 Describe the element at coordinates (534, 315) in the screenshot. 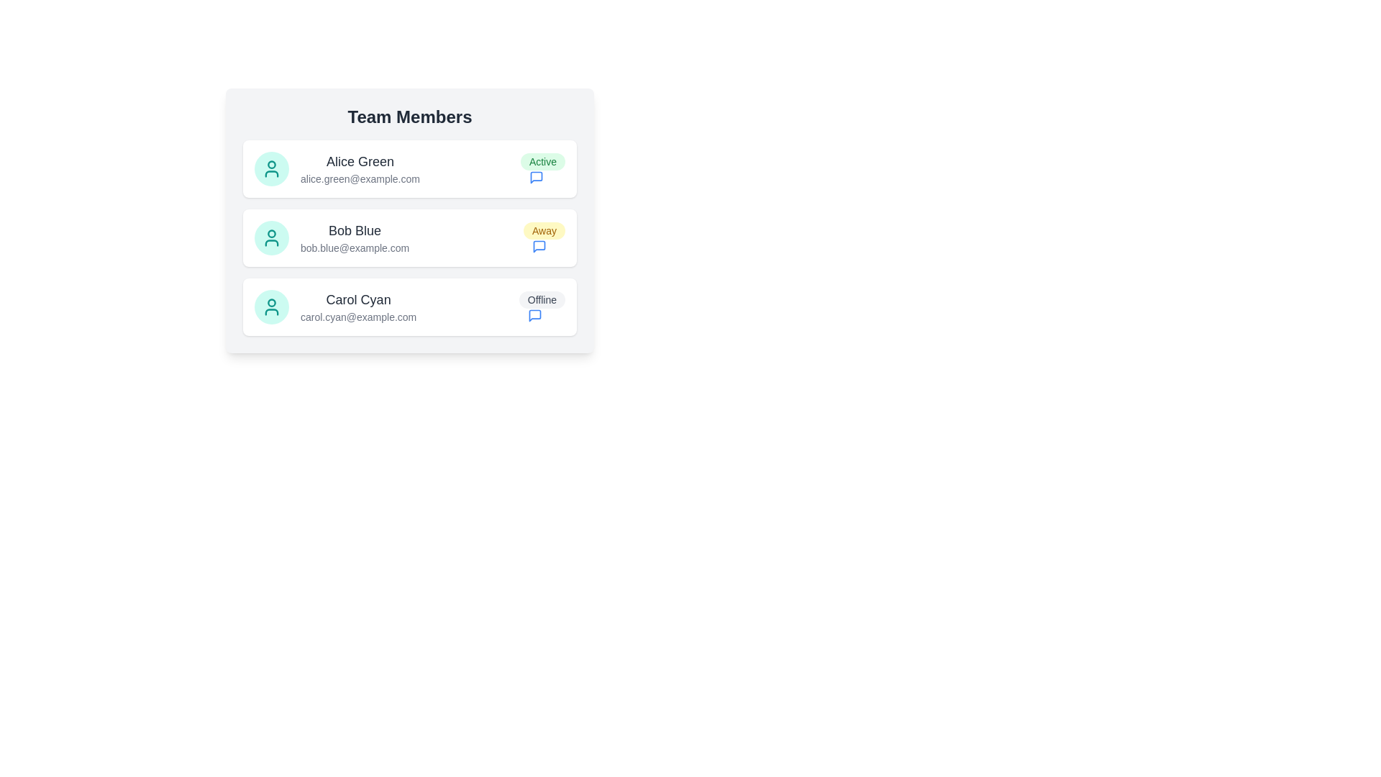

I see `the speech bubble icon button, which symbolizes messaging functionality and is styled in blue, located near the 'Offline' label` at that location.